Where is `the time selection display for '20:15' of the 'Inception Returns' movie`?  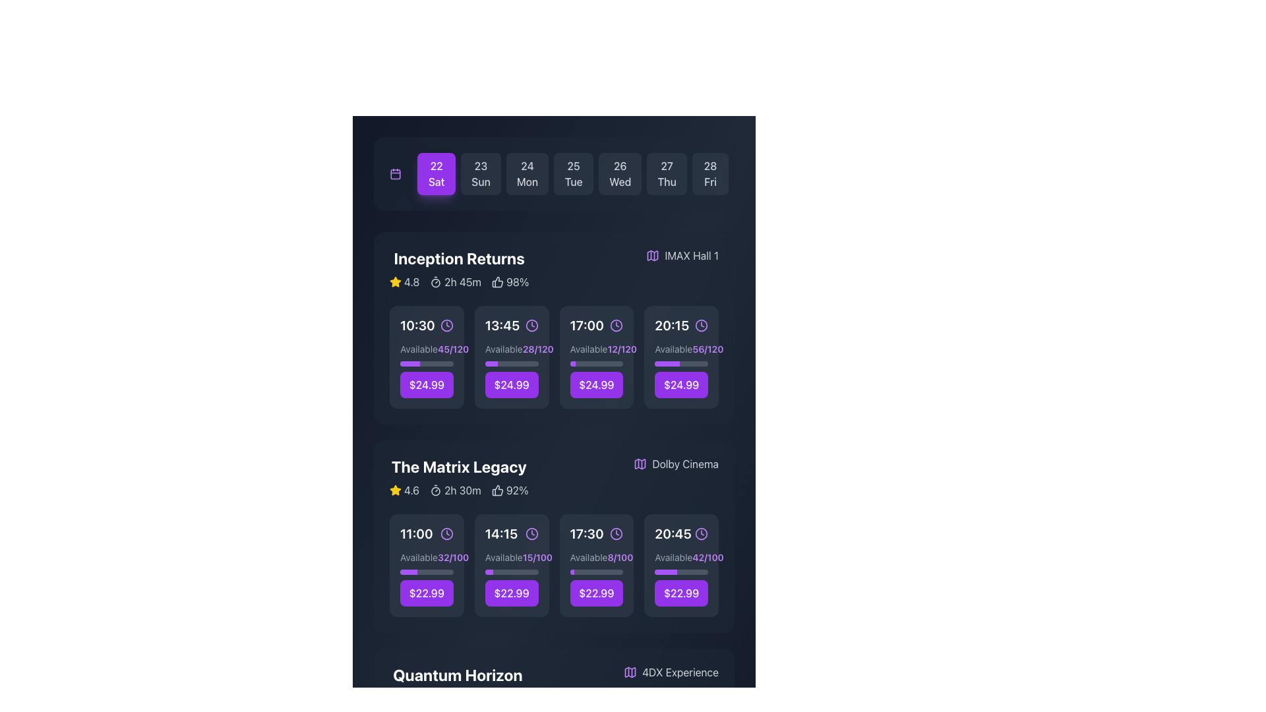 the time selection display for '20:15' of the 'Inception Returns' movie is located at coordinates (681, 325).